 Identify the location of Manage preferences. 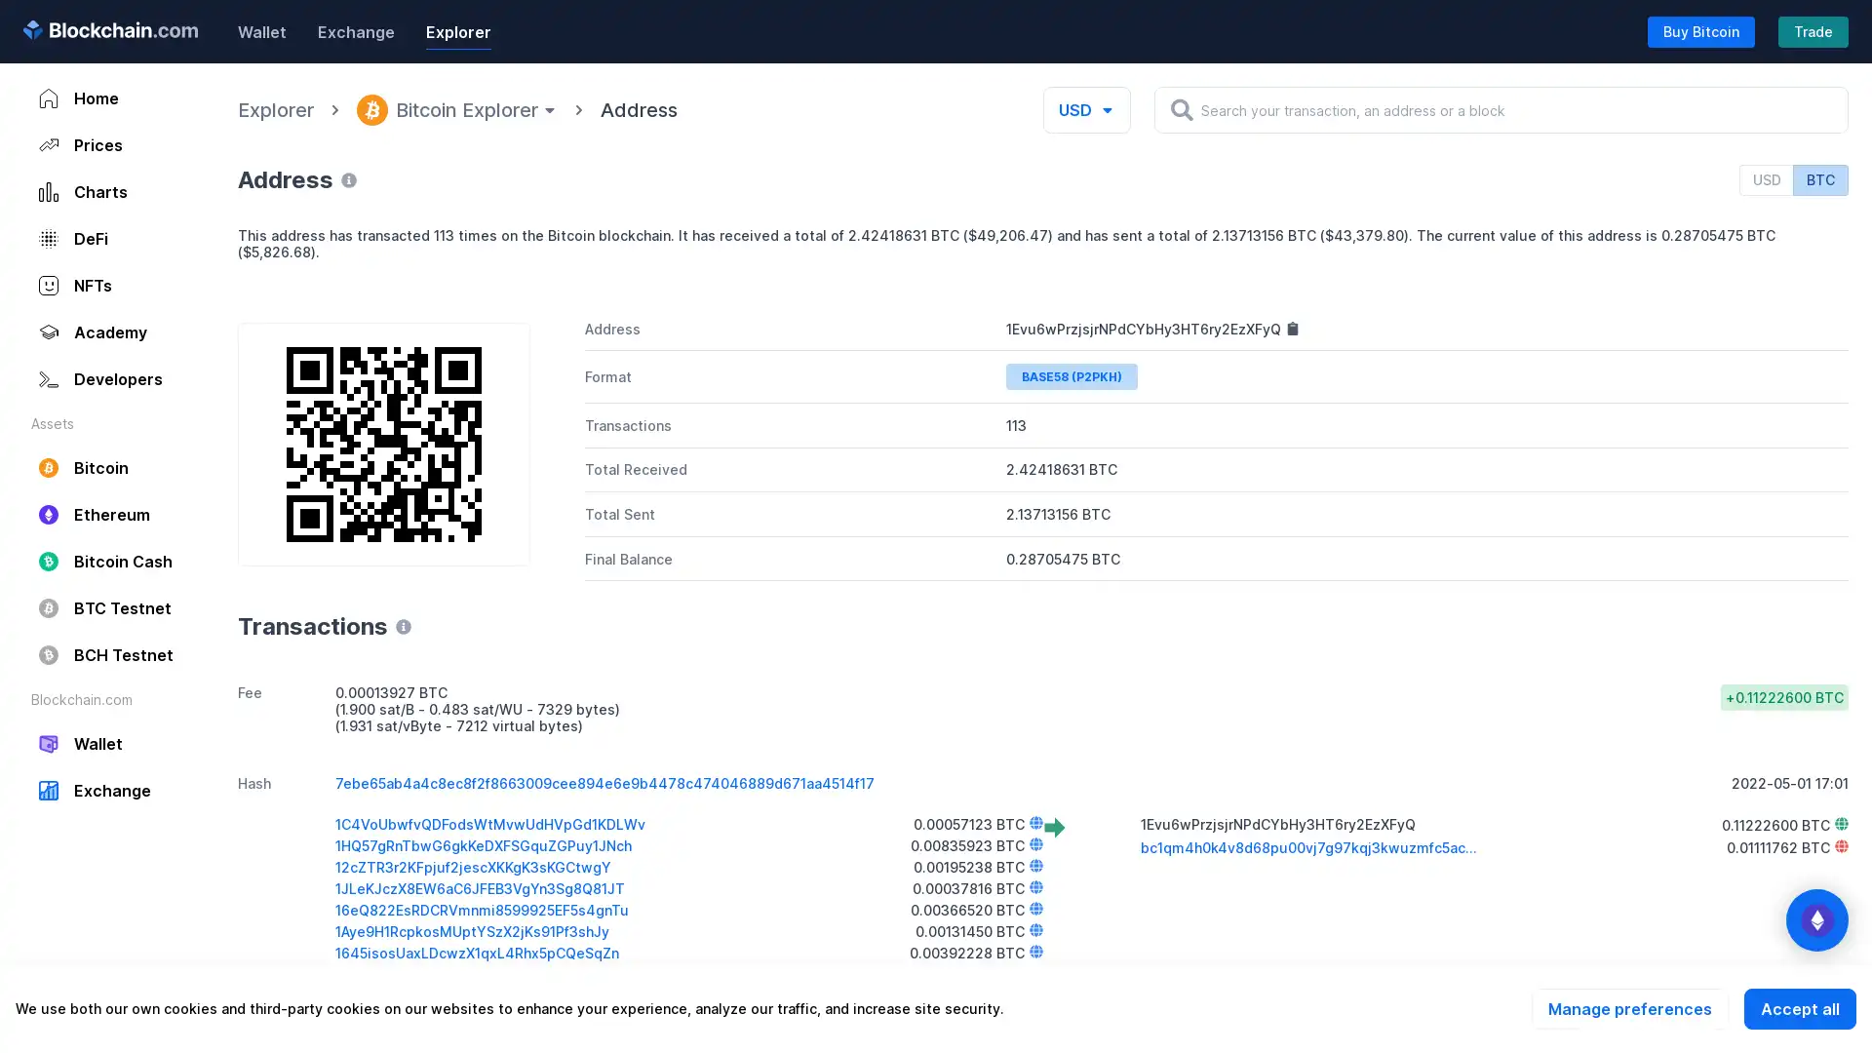
(1629, 1008).